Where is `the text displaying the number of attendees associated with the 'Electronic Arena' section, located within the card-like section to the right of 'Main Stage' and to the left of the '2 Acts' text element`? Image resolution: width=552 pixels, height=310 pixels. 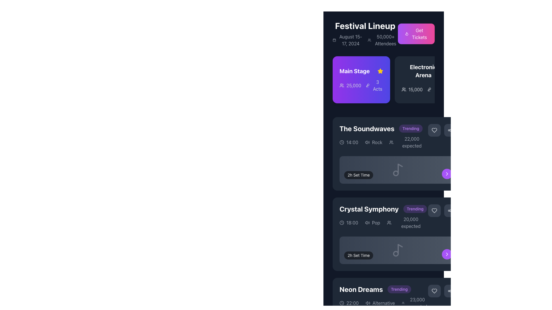
the text displaying the number of attendees associated with the 'Electronic Arena' section, located within the card-like section to the right of 'Main Stage' and to the left of the '2 Acts' text element is located at coordinates (412, 90).